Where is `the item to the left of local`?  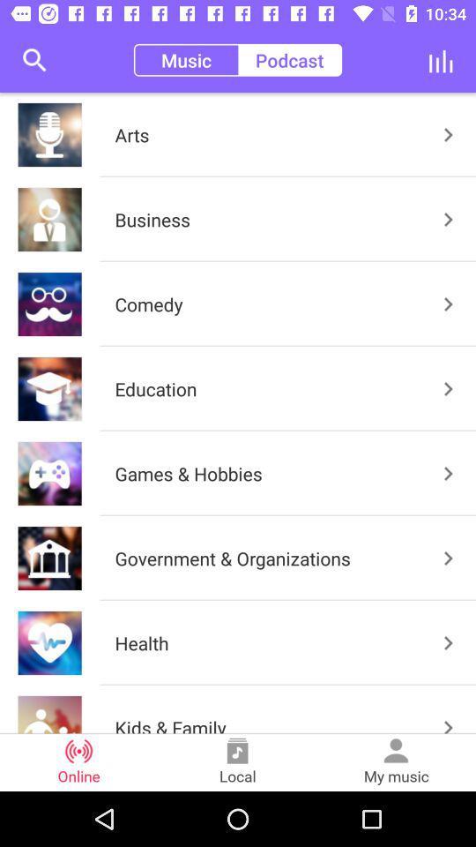
the item to the left of local is located at coordinates (78, 761).